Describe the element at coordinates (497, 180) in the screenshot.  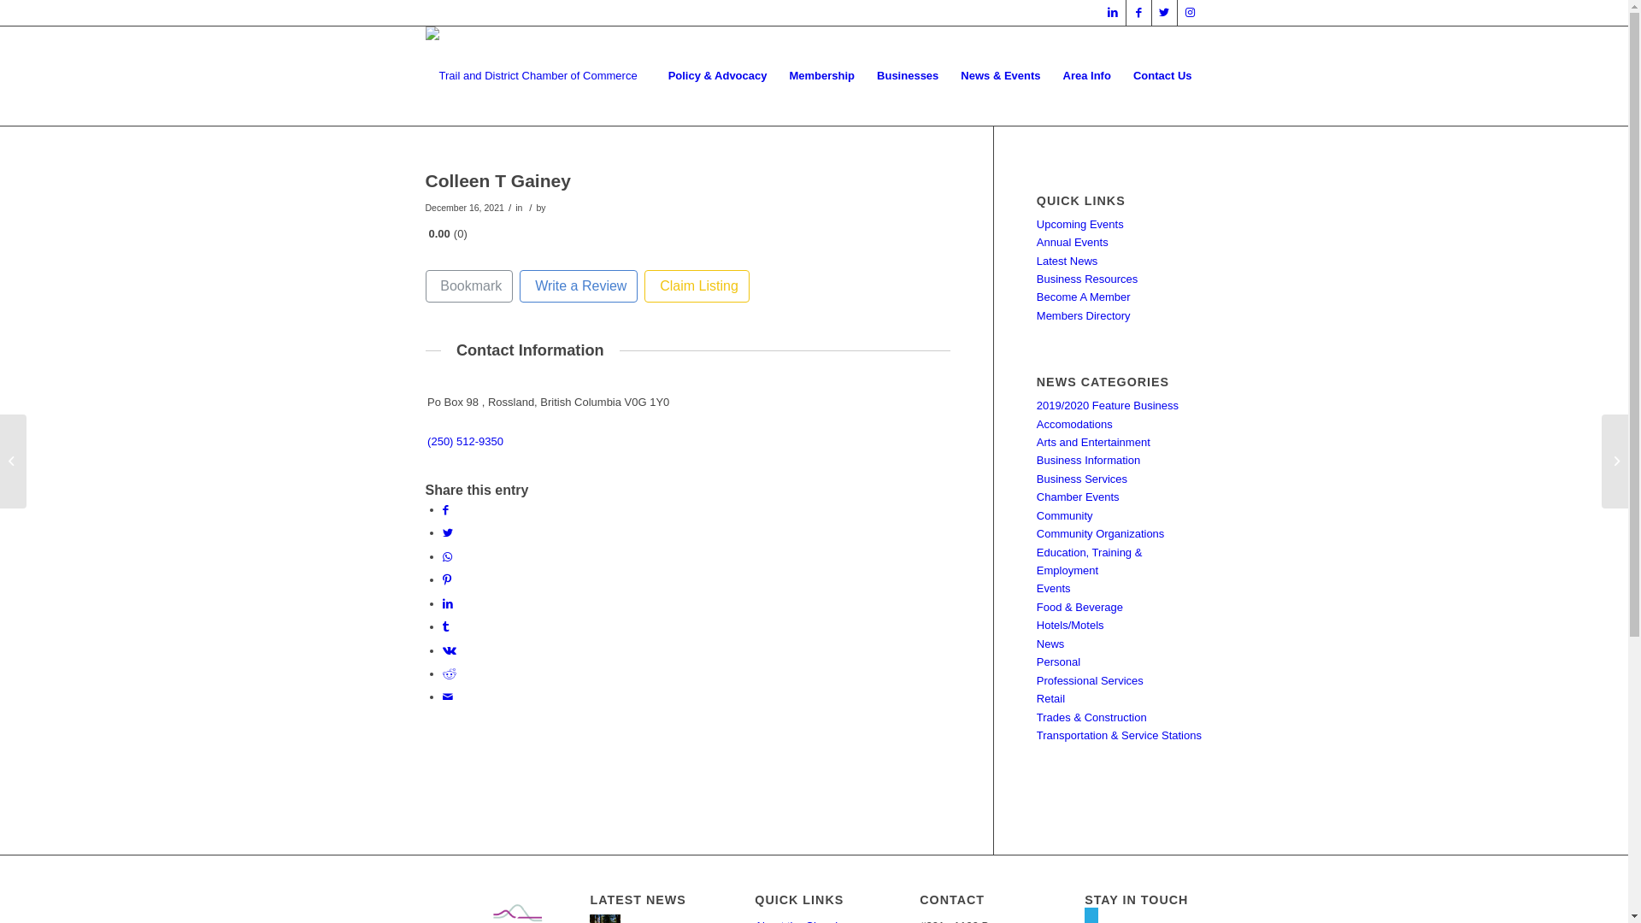
I see `'Colleen T Gainey'` at that location.